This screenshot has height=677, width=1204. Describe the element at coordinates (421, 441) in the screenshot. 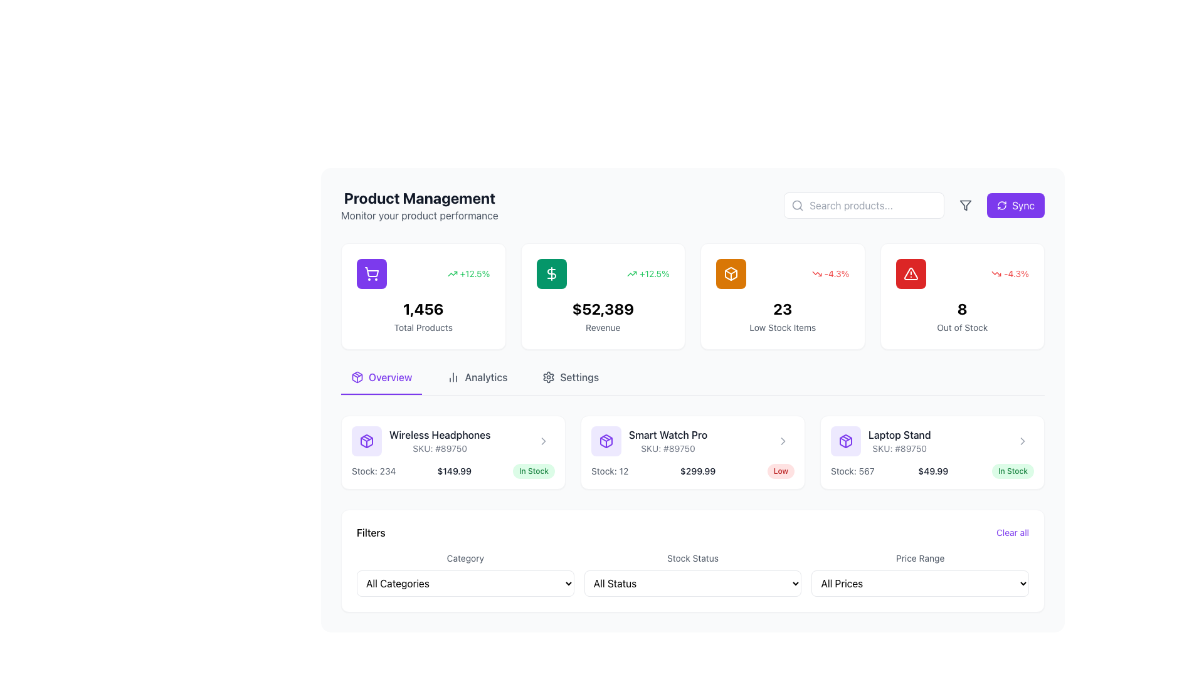

I see `text block displaying the product name 'Wireless Headphones' and its SKU, located to the right of the violet box icon in the 'Overview' section of the product card` at that location.